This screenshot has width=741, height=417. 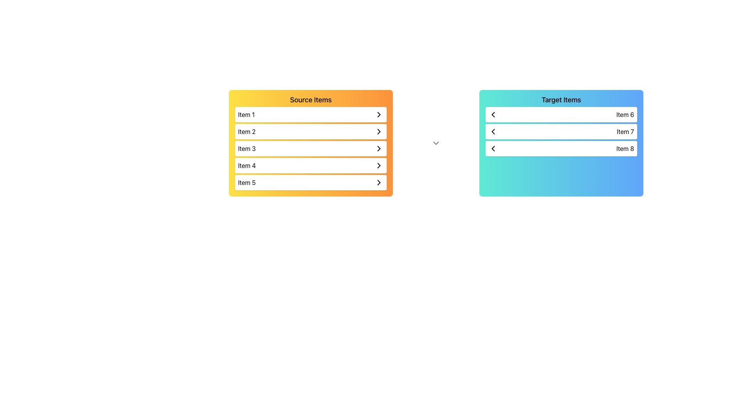 What do you see at coordinates (561, 149) in the screenshot?
I see `the third item in the 'Target Items' group, which represents 'Item 8'` at bounding box center [561, 149].